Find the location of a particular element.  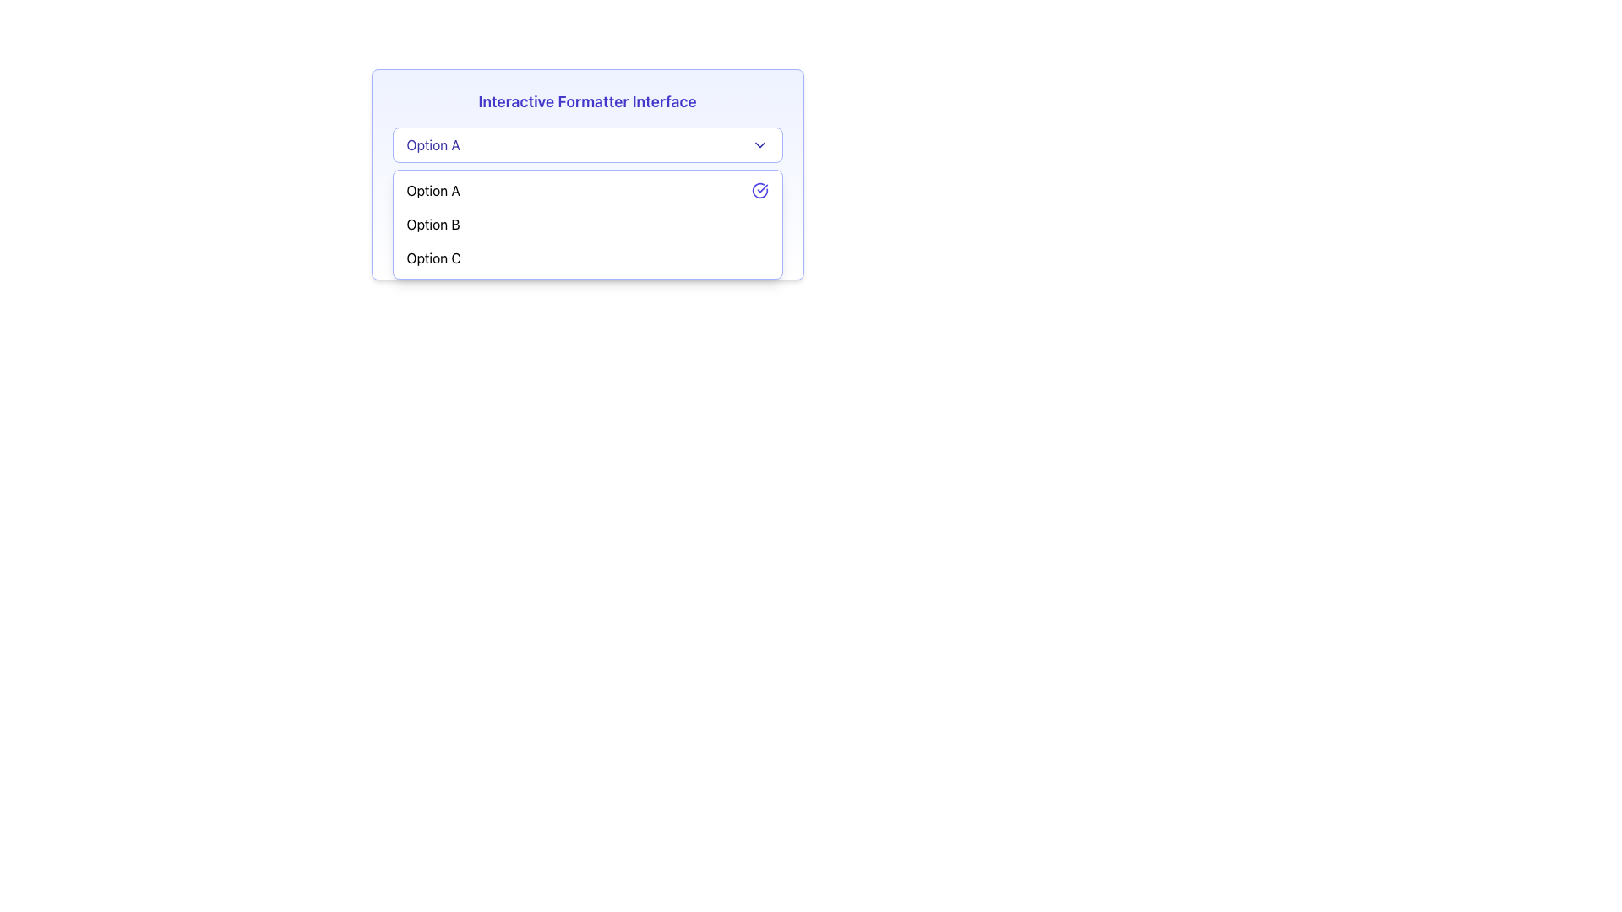

the indigo checkmark icon within a circle located to the right of the 'Option A' label in the dropdown menu is located at coordinates (759, 190).